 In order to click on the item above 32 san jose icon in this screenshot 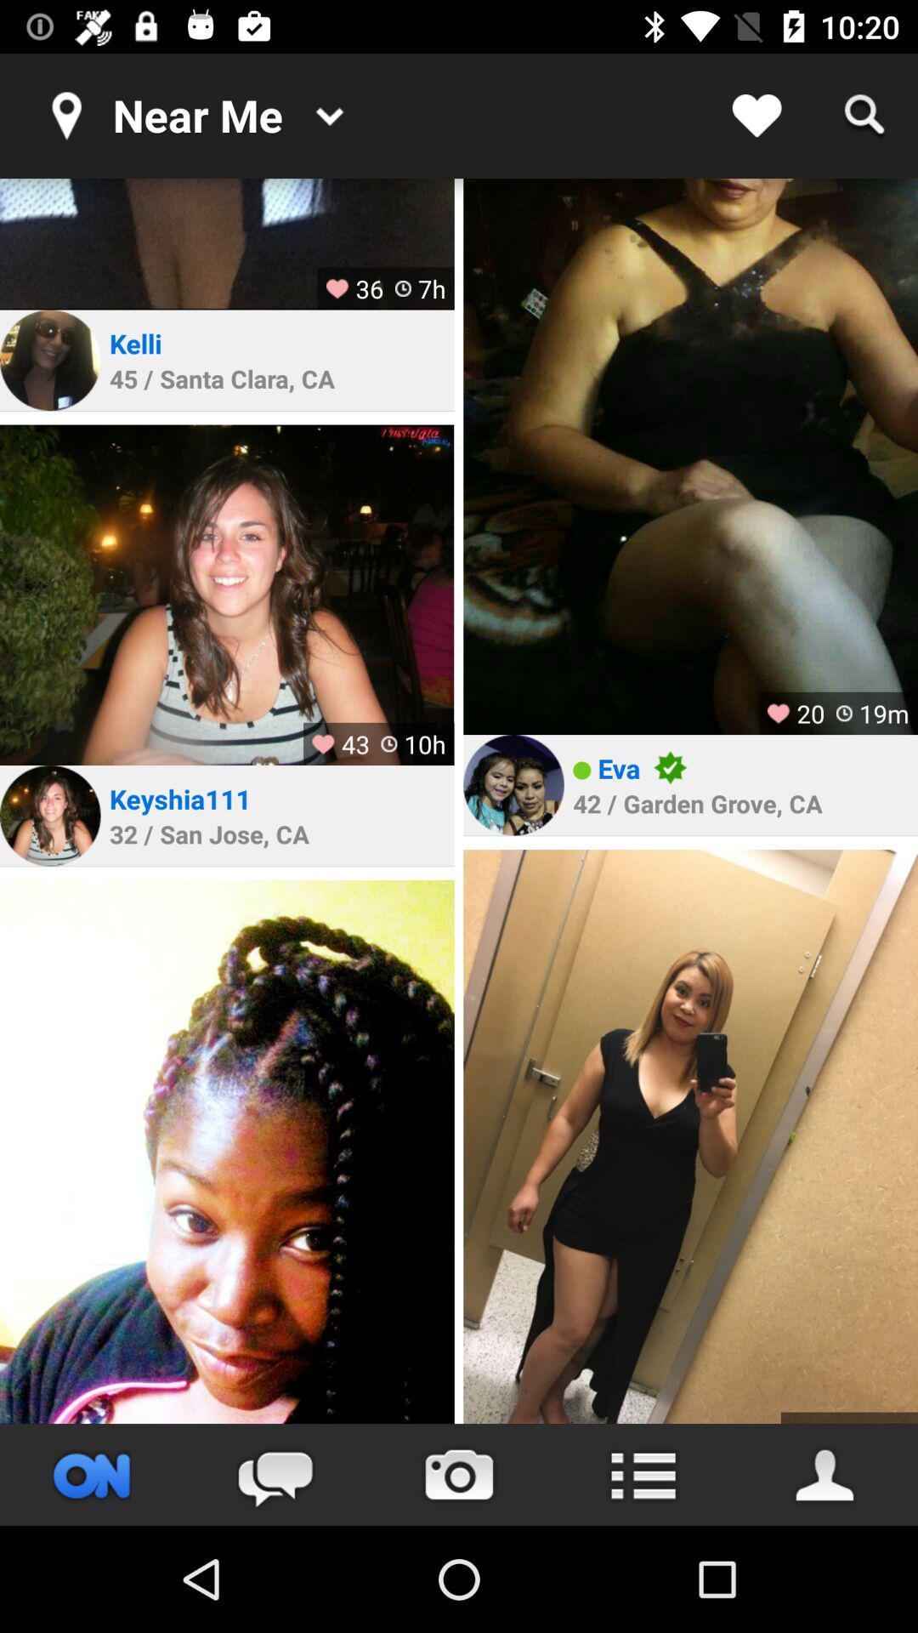, I will do `click(180, 798)`.